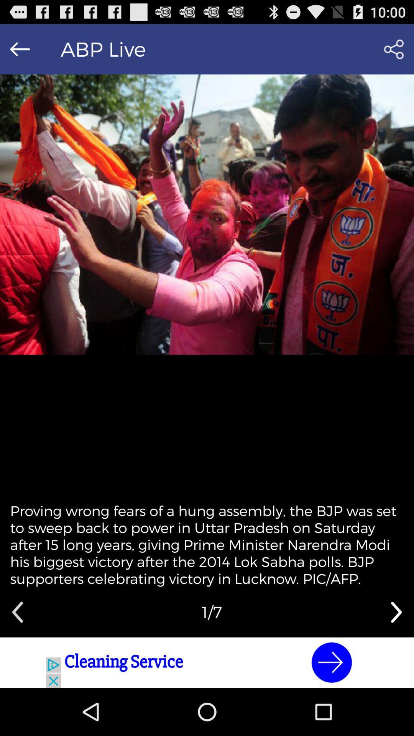 The height and width of the screenshot is (736, 414). Describe the element at coordinates (17, 655) in the screenshot. I see `the arrow_backward icon` at that location.